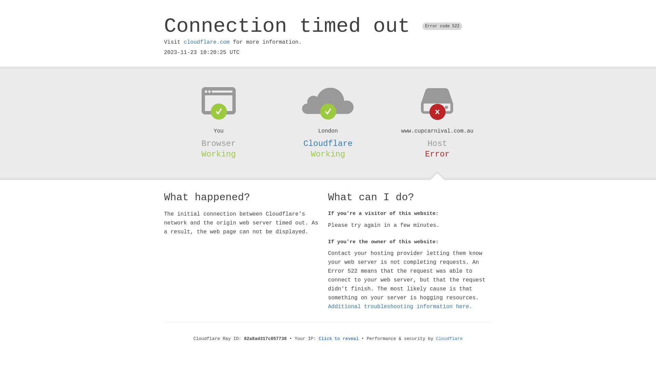  Describe the element at coordinates (339, 339) in the screenshot. I see `'Click to reveal'` at that location.